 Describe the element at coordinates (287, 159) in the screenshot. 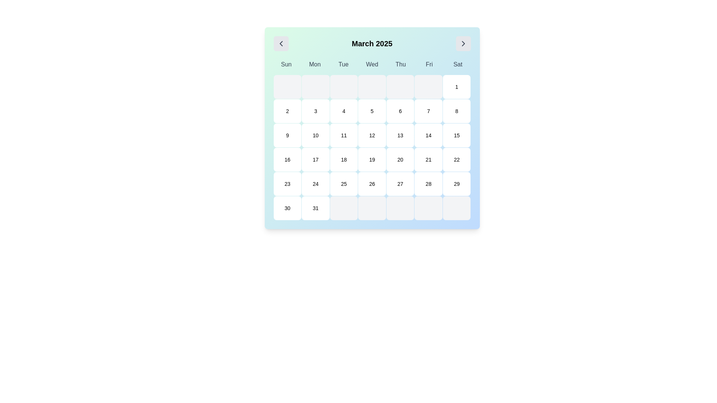

I see `the button representing the 16th day in the calendar view` at that location.